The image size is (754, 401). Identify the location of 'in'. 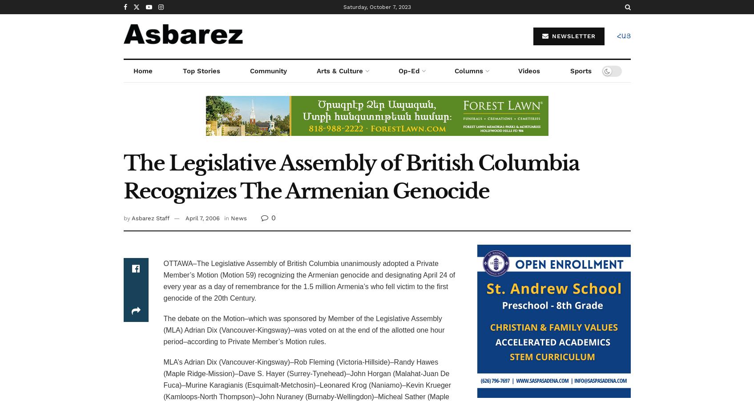
(226, 218).